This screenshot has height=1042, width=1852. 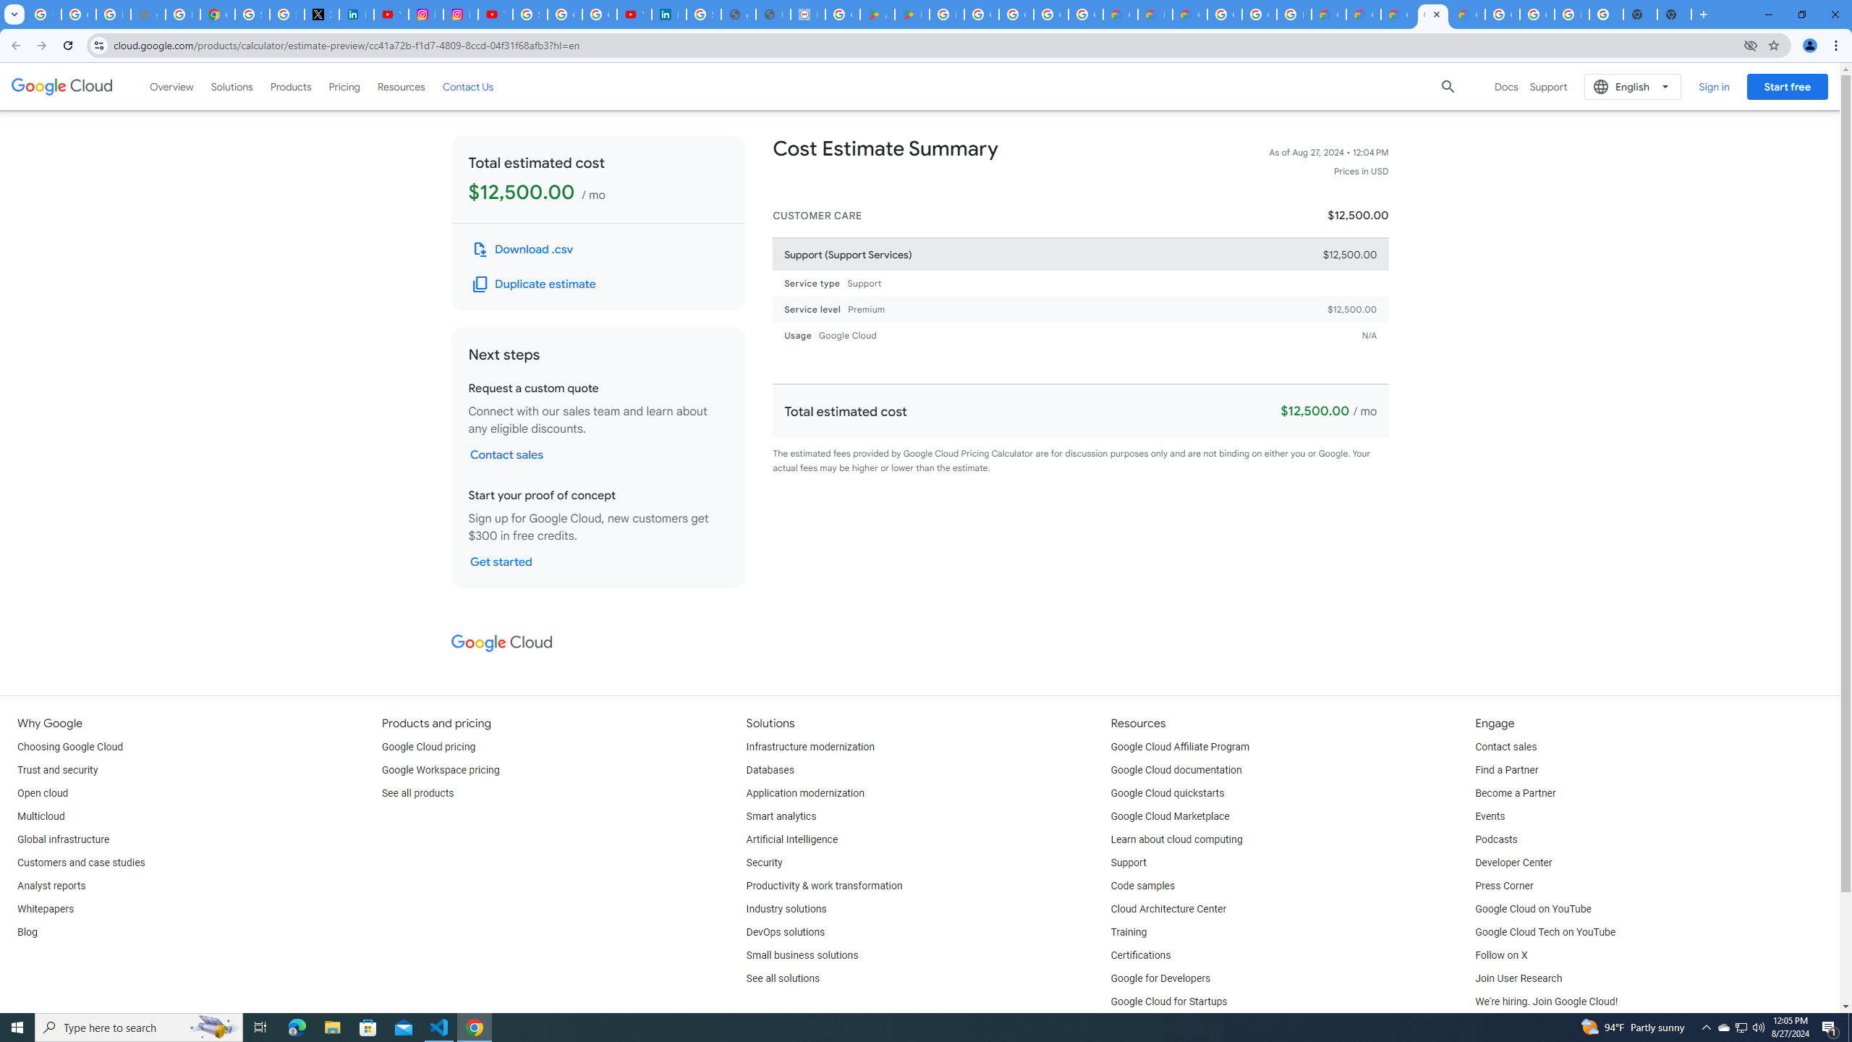 I want to click on 'Google Cloud documentation', so click(x=1176, y=770).